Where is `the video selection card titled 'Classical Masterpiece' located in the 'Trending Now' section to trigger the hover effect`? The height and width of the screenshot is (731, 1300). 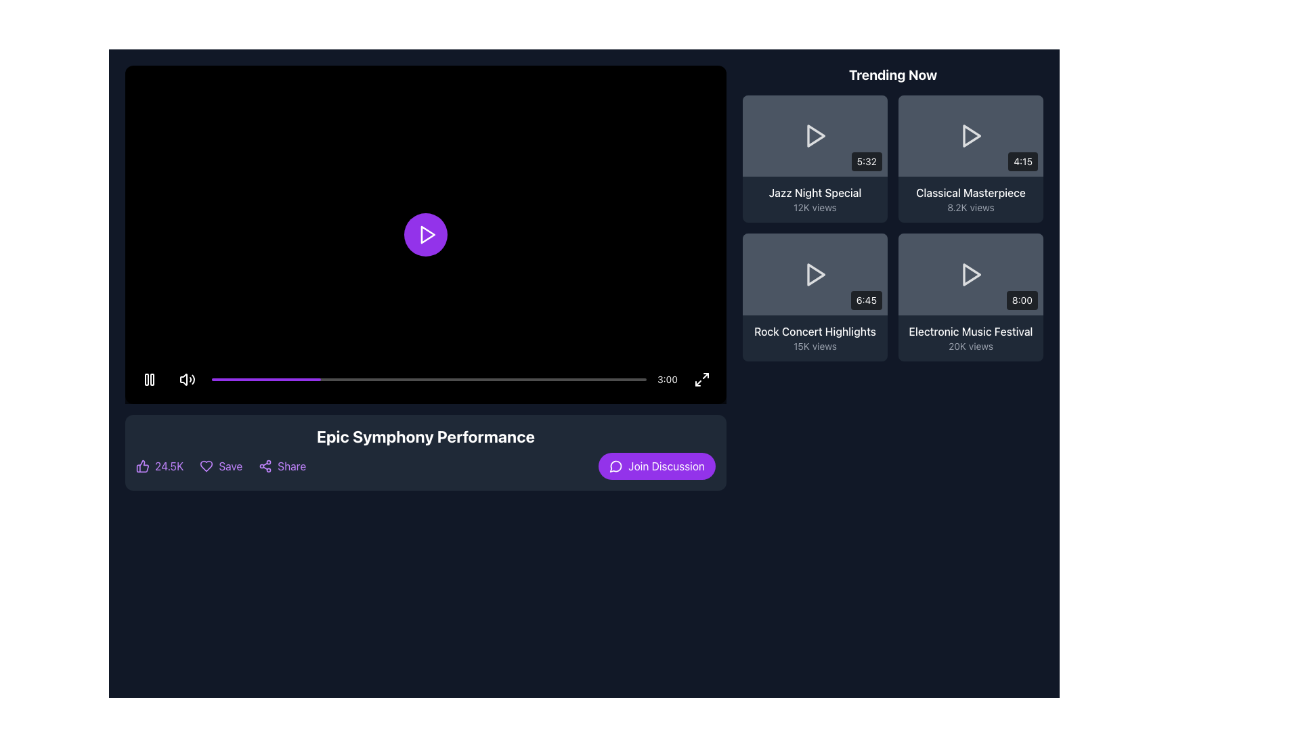
the video selection card titled 'Classical Masterpiece' located in the 'Trending Now' section to trigger the hover effect is located at coordinates (970, 158).